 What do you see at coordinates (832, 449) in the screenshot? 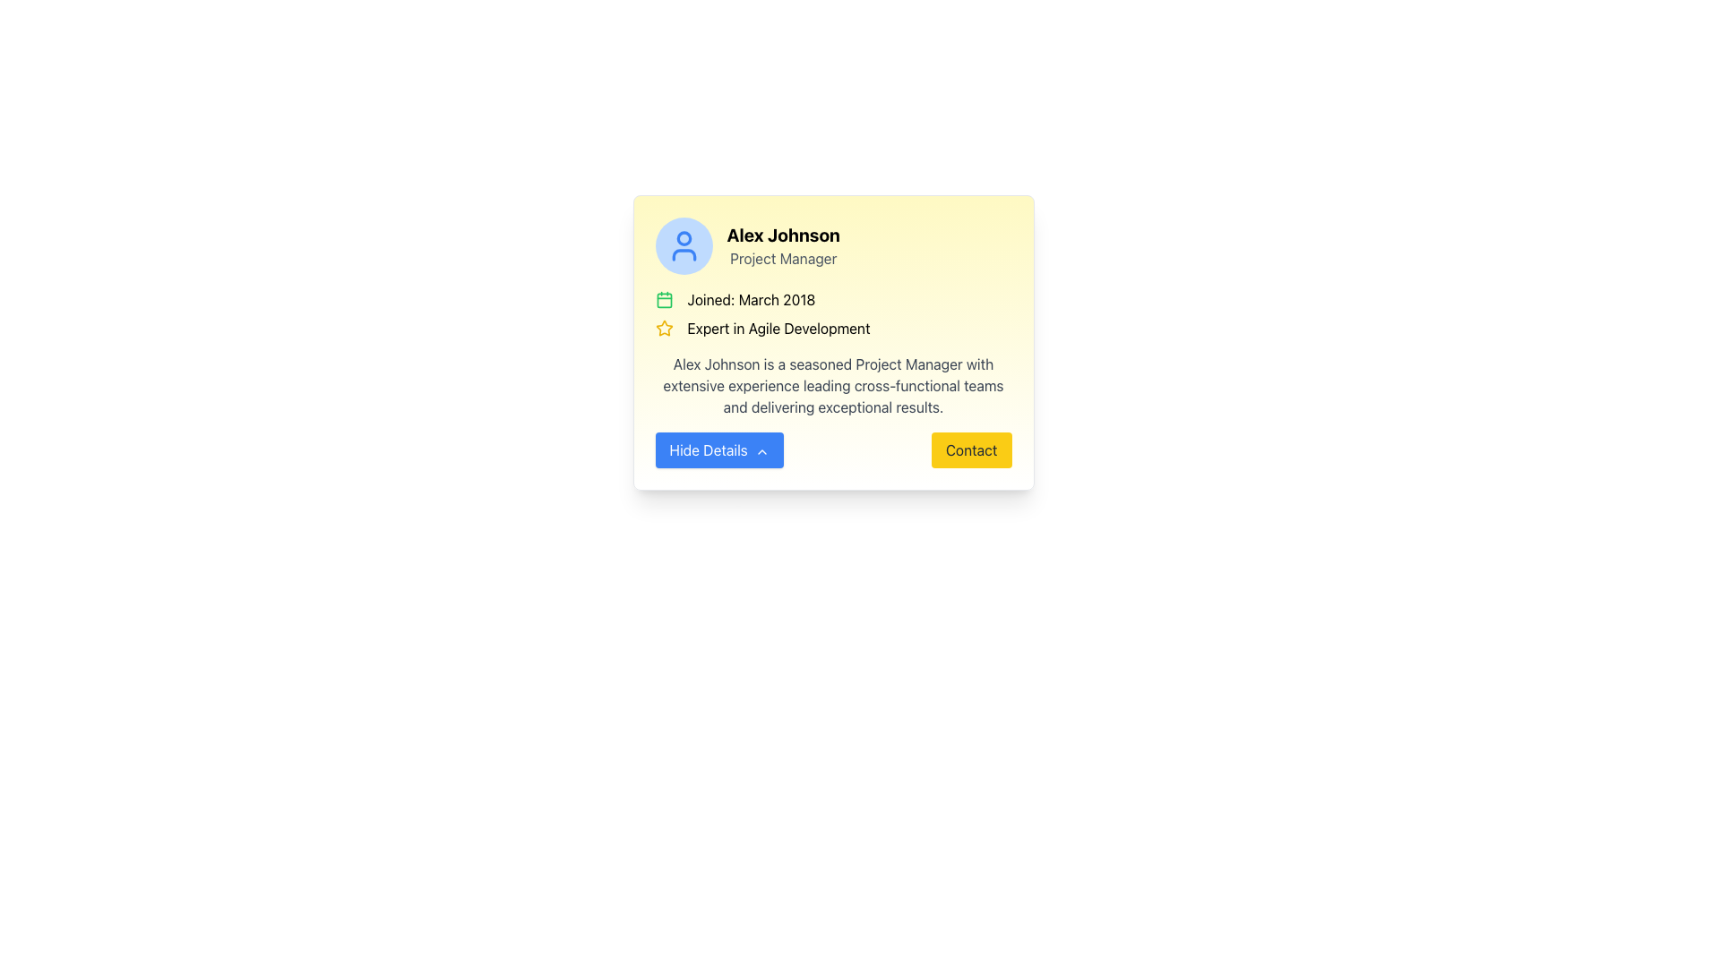
I see `the design space or layout spacer located between the 'Hide Details' and 'Contact' buttons within the card component` at bounding box center [832, 449].